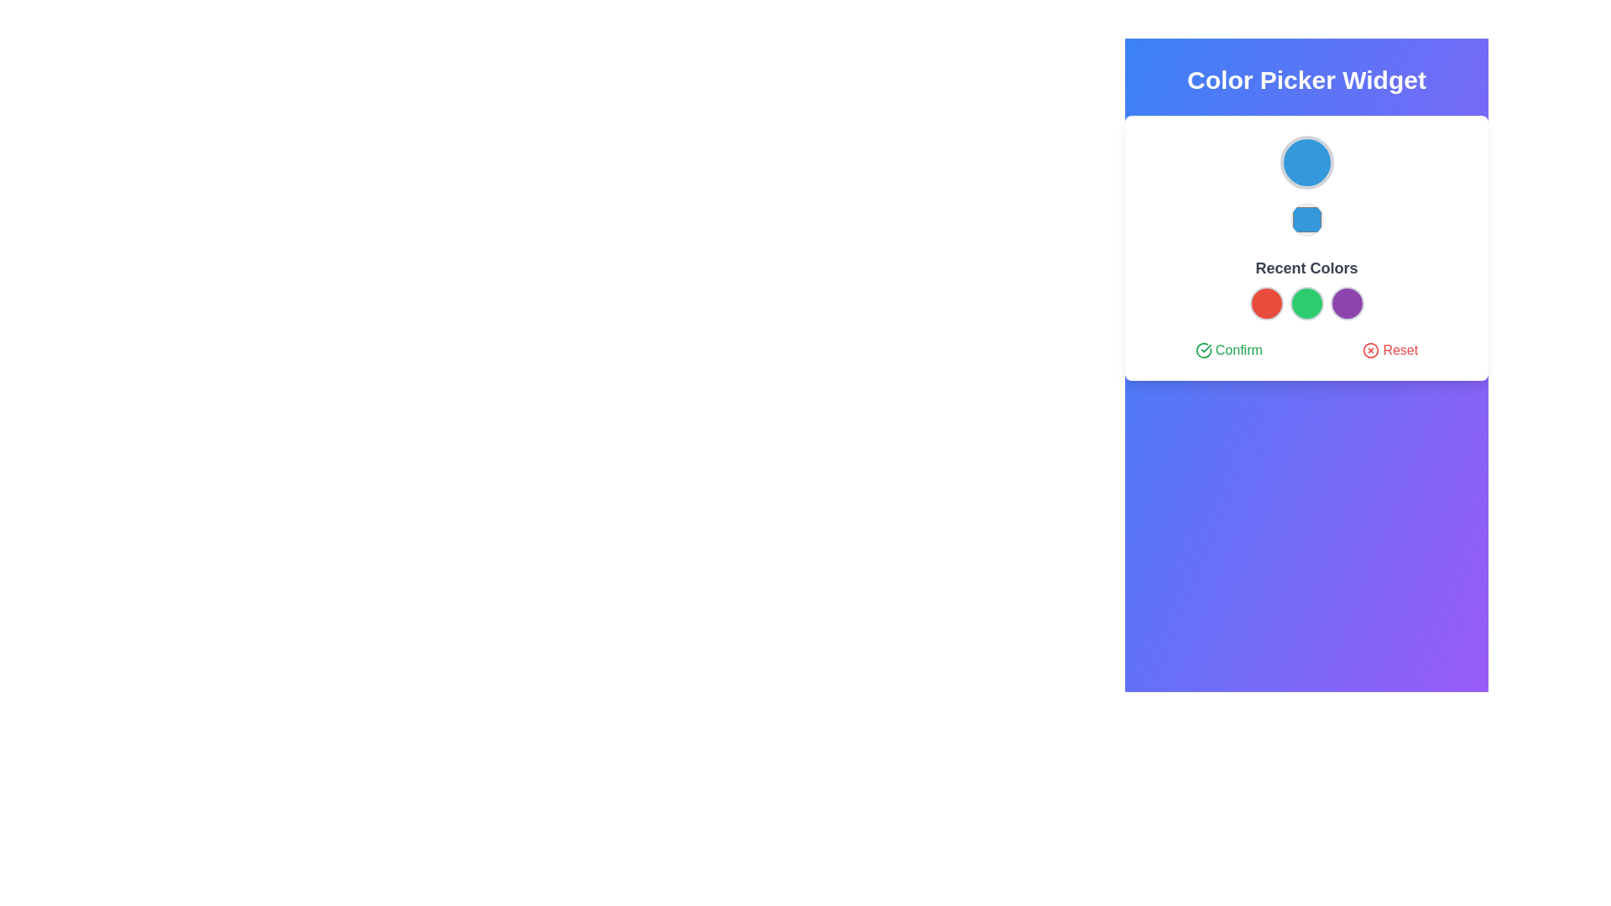  Describe the element at coordinates (1306, 287) in the screenshot. I see `the middle circular green color swatch in the 'Recent Colors' section` at that location.